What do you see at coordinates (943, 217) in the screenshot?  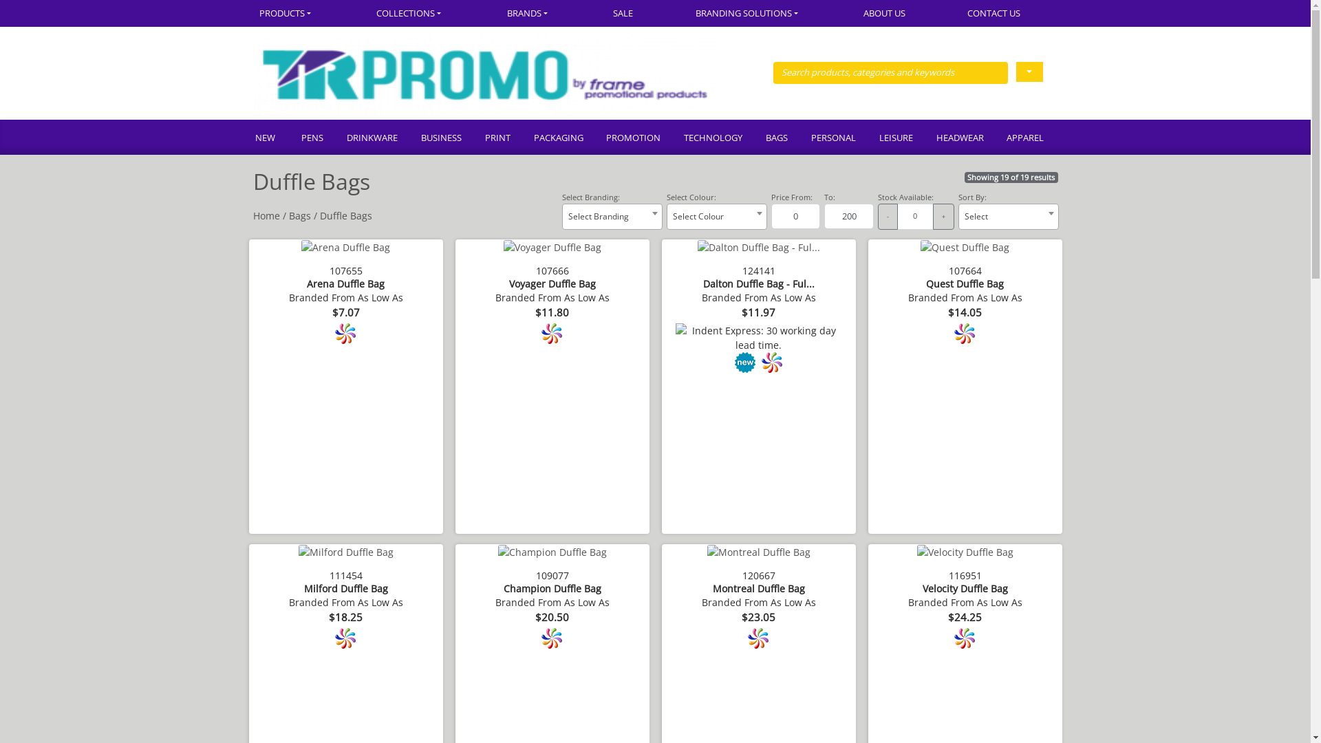 I see `'+'` at bounding box center [943, 217].